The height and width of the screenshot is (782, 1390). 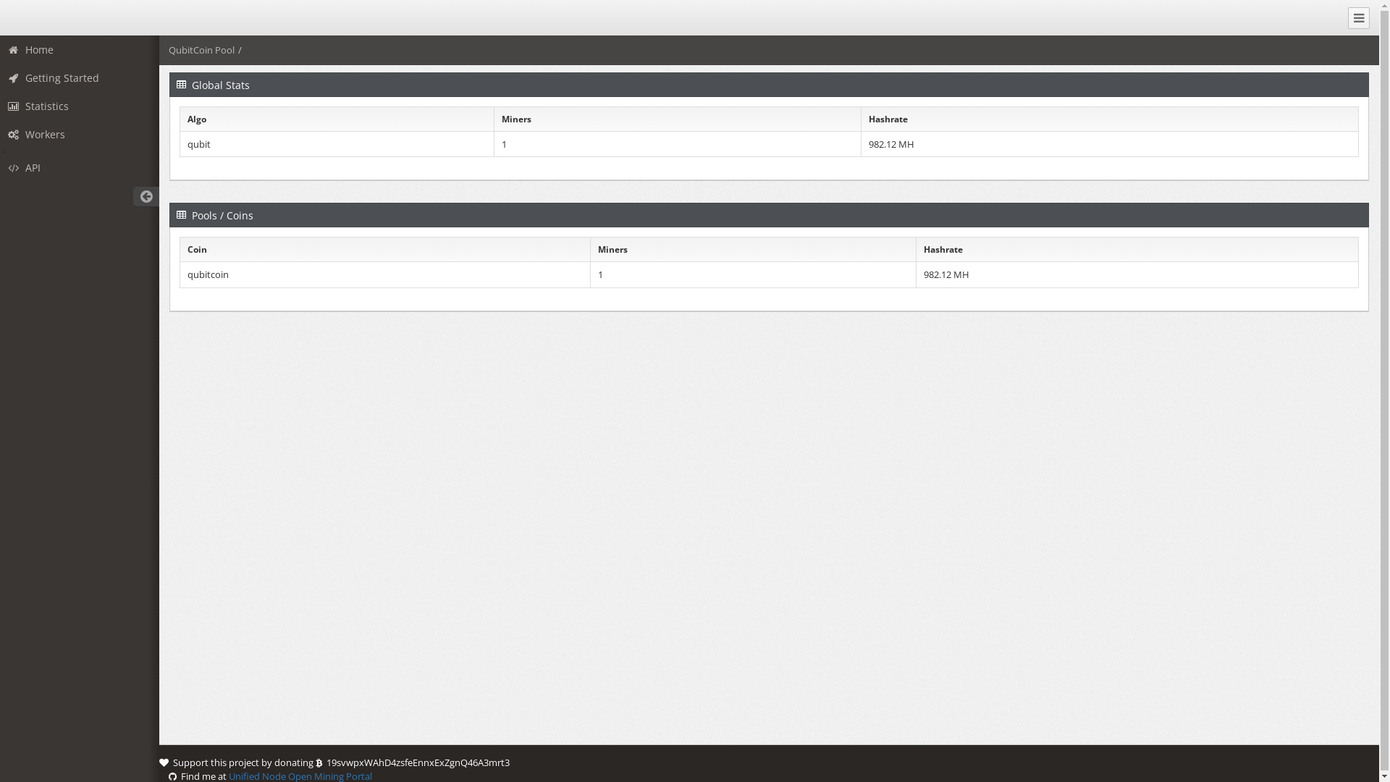 I want to click on 'Getting Started', so click(x=79, y=77).